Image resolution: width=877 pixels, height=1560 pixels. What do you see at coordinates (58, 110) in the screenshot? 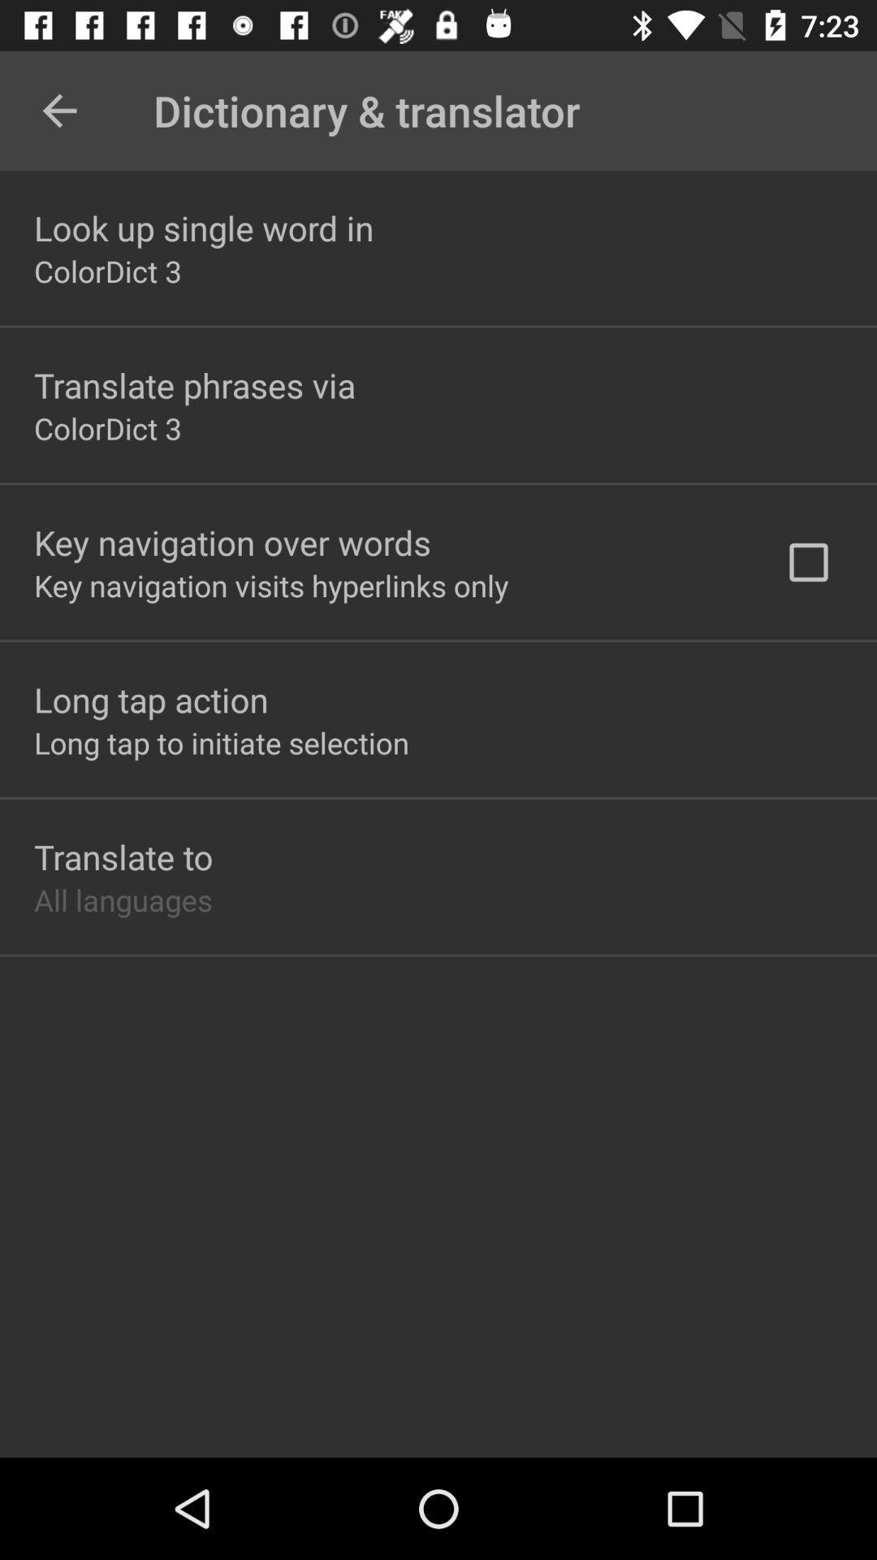
I see `go back` at bounding box center [58, 110].